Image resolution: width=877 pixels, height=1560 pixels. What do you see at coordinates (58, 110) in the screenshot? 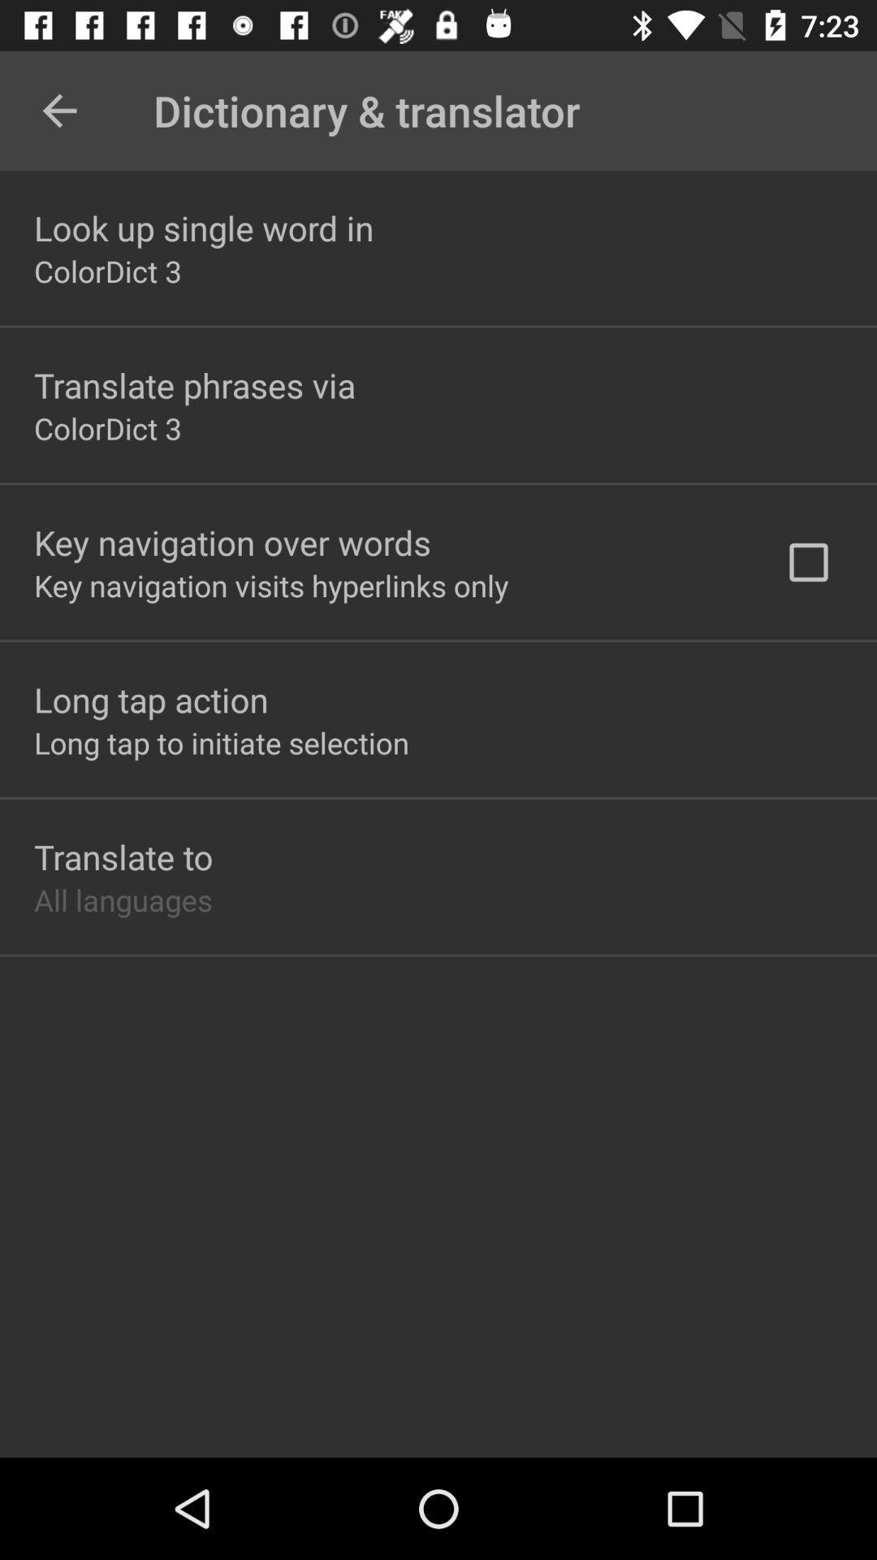
I see `go back` at bounding box center [58, 110].